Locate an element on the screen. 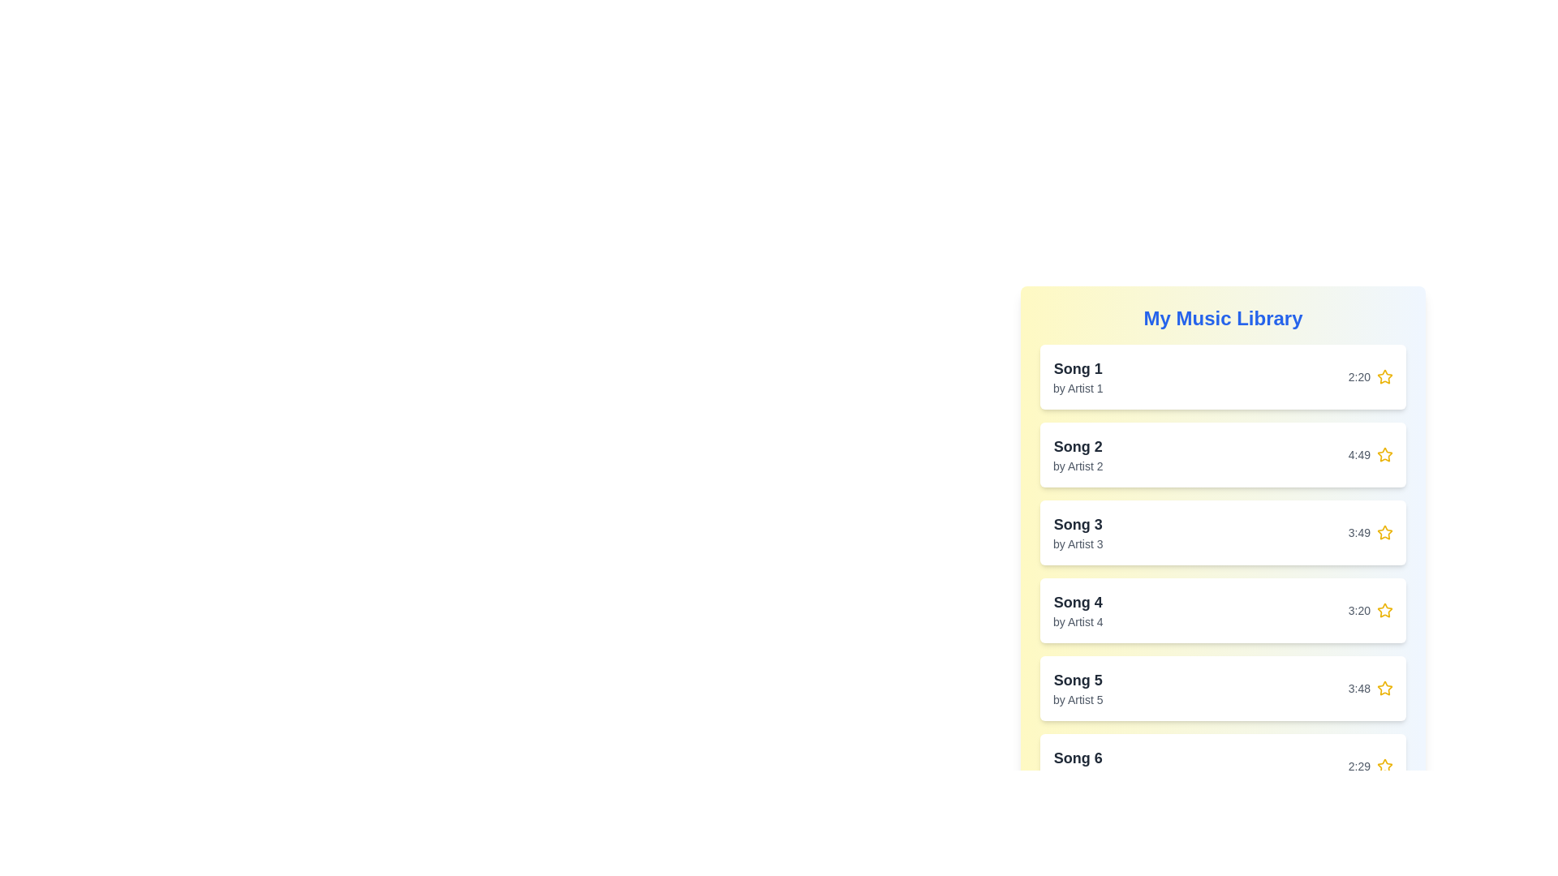  text block displaying 'Song 6 by Artist 6', which is bold for the song title and lighter for the artist name, located in a song entry card at the bottom of the music library column is located at coordinates (1078, 766).